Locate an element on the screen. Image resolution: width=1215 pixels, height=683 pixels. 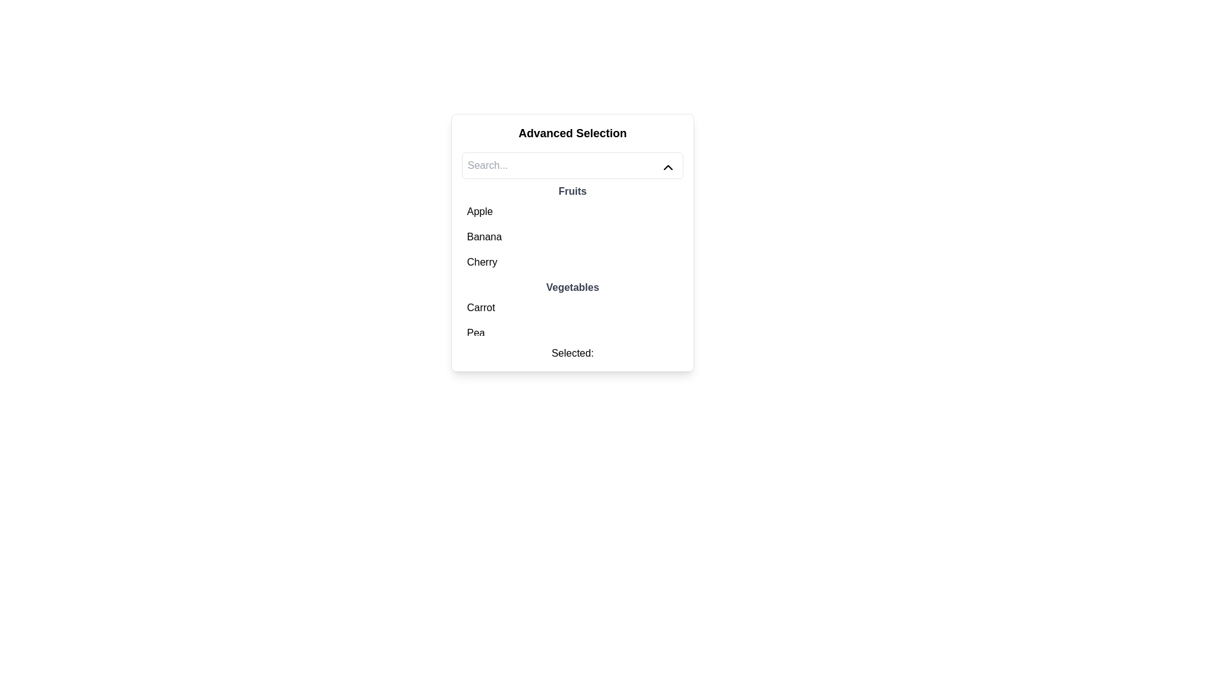
the 'Fruits' text label, which serves as a category heading for the dropdown menu of fruit options is located at coordinates (572, 192).